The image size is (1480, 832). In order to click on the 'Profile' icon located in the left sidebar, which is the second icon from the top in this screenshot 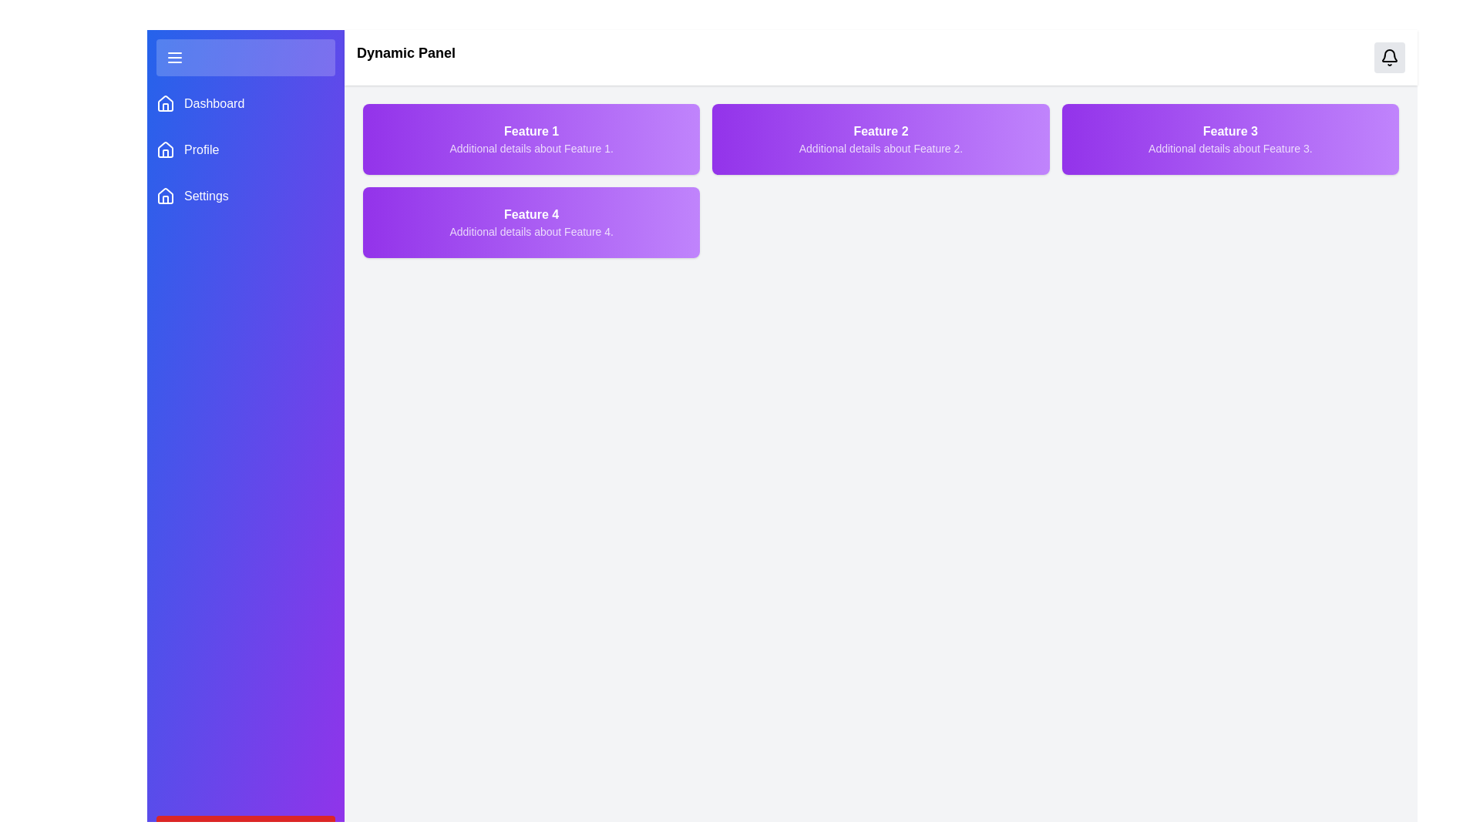, I will do `click(166, 150)`.